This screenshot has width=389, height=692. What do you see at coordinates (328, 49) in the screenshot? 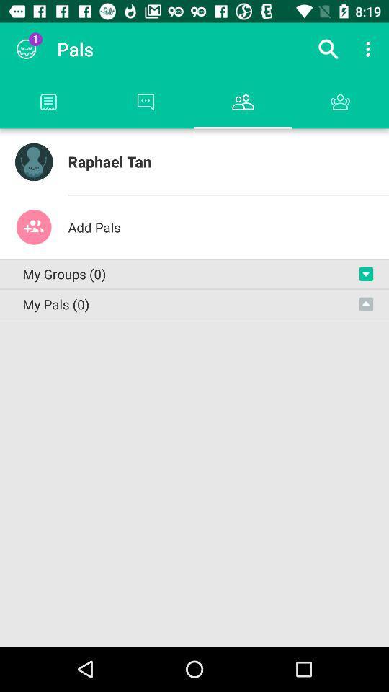
I see `the item to the right of pals app` at bounding box center [328, 49].